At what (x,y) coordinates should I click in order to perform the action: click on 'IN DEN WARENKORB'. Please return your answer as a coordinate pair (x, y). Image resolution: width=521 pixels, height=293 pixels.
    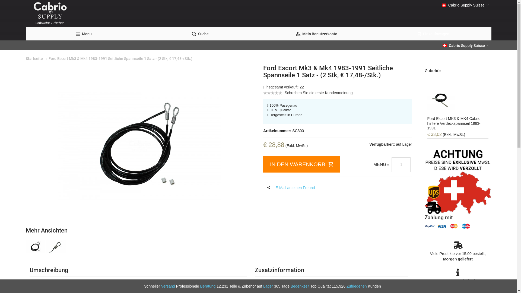
    Looking at the image, I should click on (263, 164).